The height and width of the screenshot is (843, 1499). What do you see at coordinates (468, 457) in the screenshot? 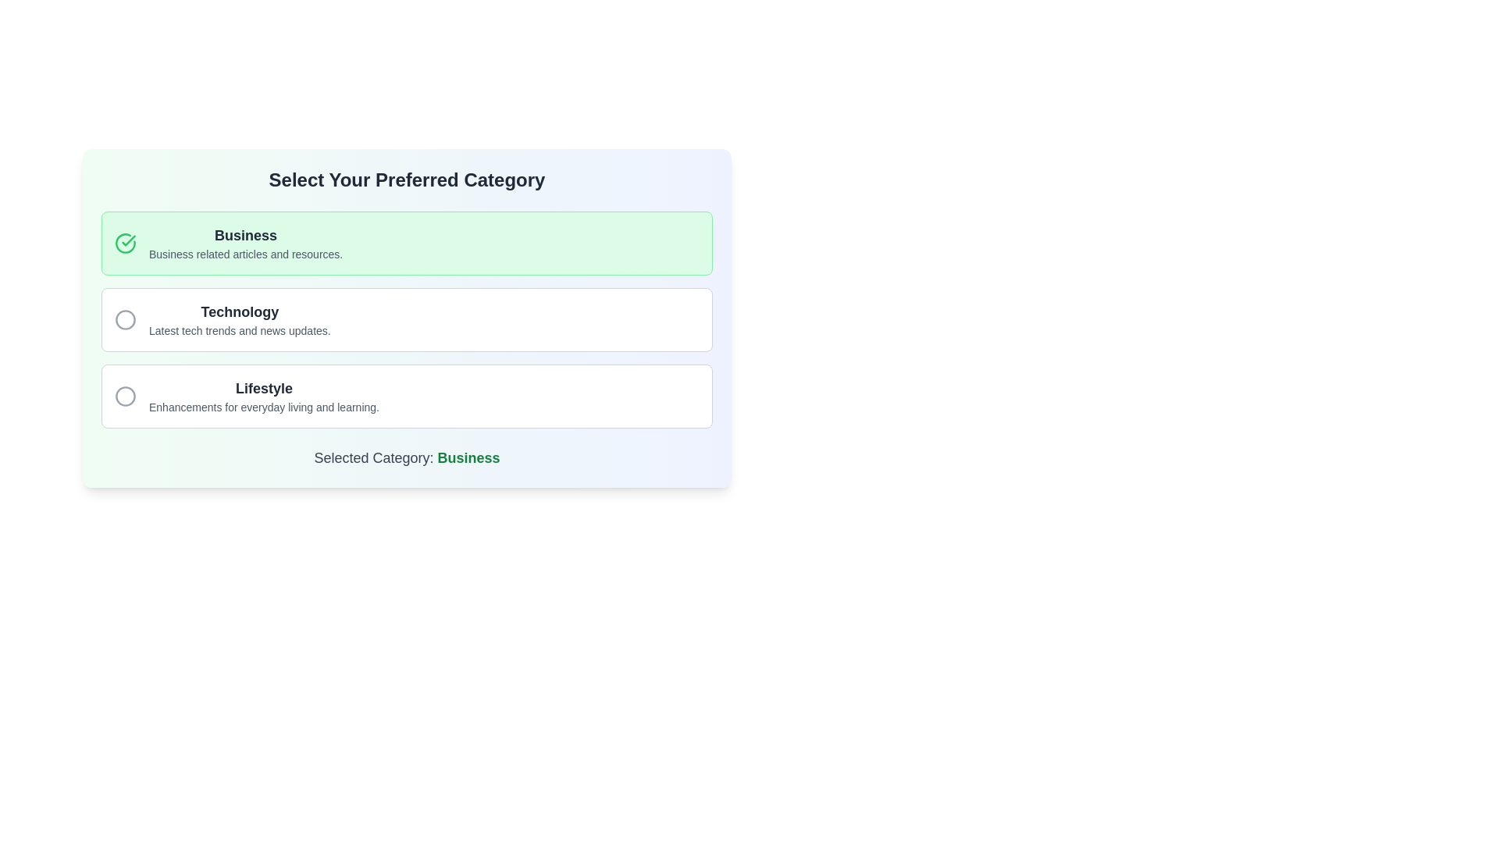
I see `the static text indicating the selected category 'Business', which is part of the phrase 'Selected Category: Business' and is centrally located near the bottom of the category selection interface` at bounding box center [468, 457].